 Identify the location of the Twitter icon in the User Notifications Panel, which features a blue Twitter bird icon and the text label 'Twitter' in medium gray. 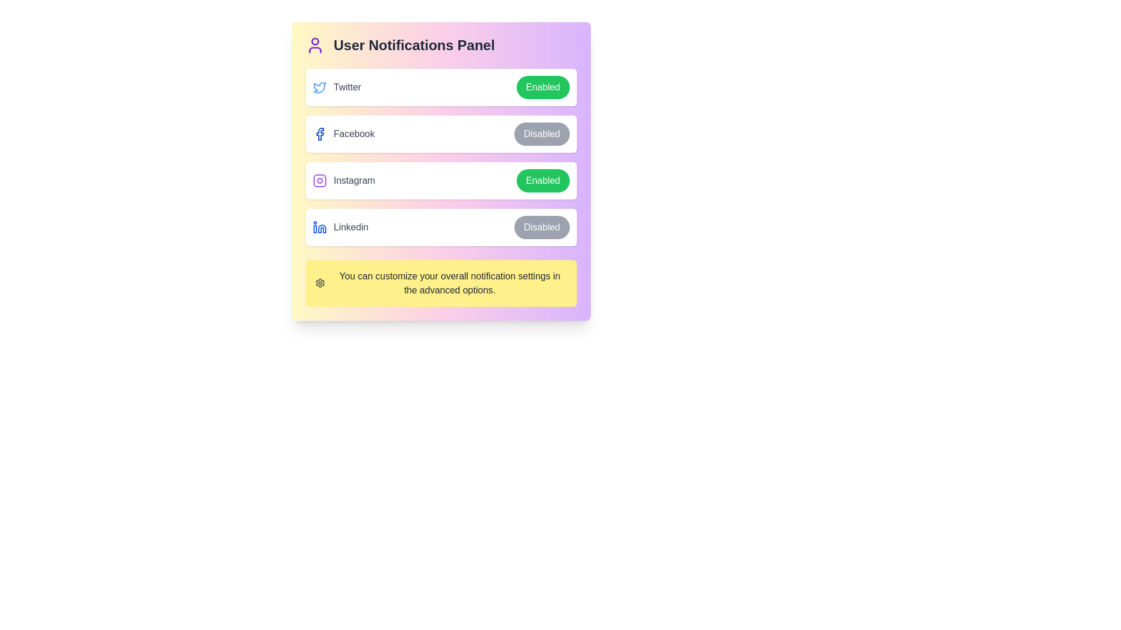
(336, 87).